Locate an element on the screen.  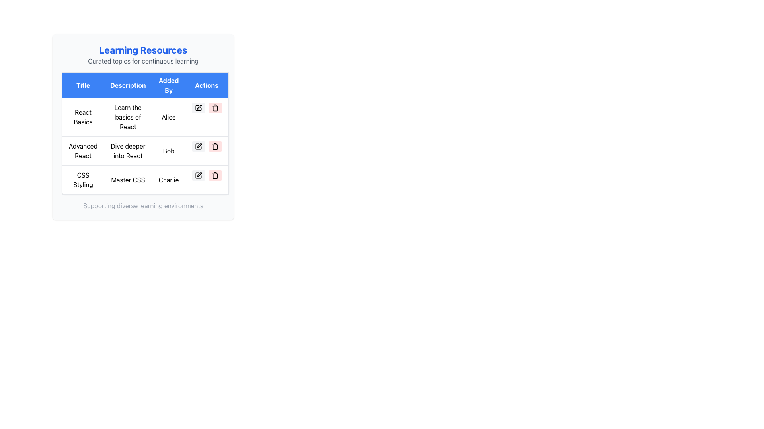
the edit icon in the 'Actions' column of the 'Learning Resources' table, specifically the first icon associated with 'React Basics' is located at coordinates (198, 108).